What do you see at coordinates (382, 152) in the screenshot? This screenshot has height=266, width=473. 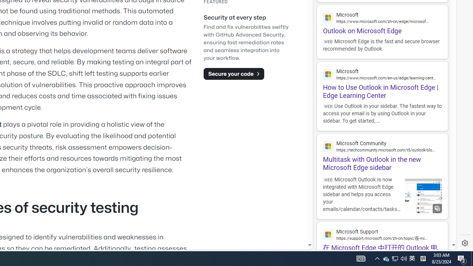 I see `'Multitask with Outlook in the new Microsoft Edge sidebar'` at bounding box center [382, 152].